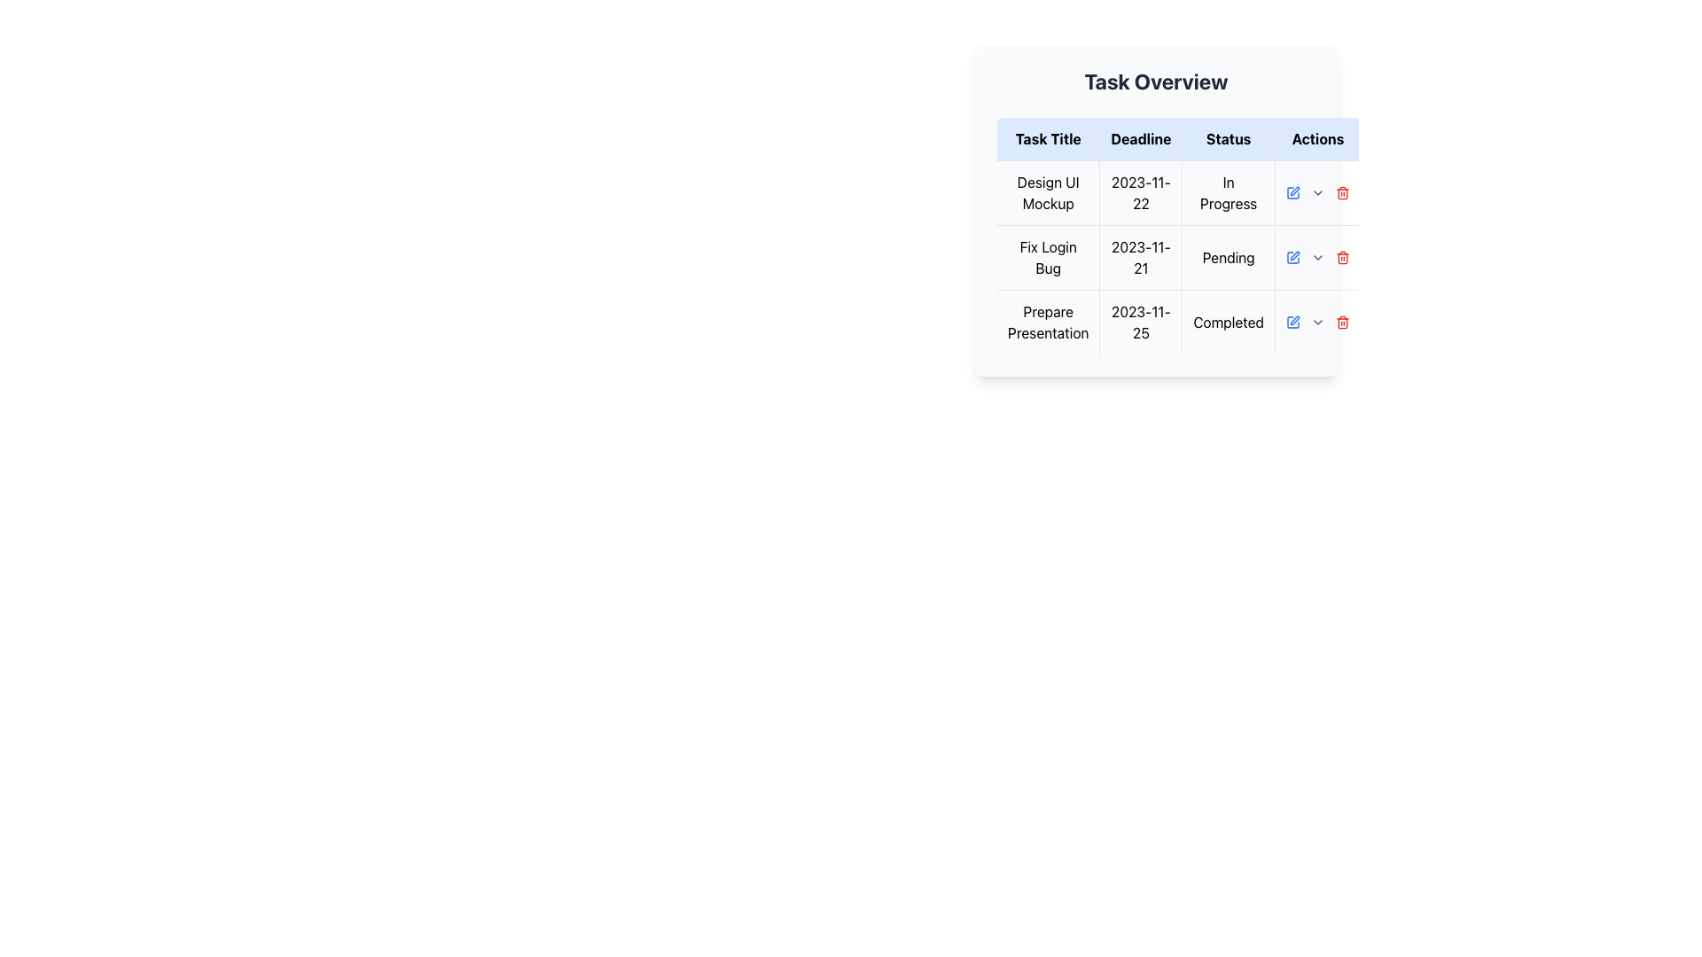  What do you see at coordinates (1343, 194) in the screenshot?
I see `the second icon from the right in the 'Actions' column of the third row of the table, which is a rounded vertical rectangle` at bounding box center [1343, 194].